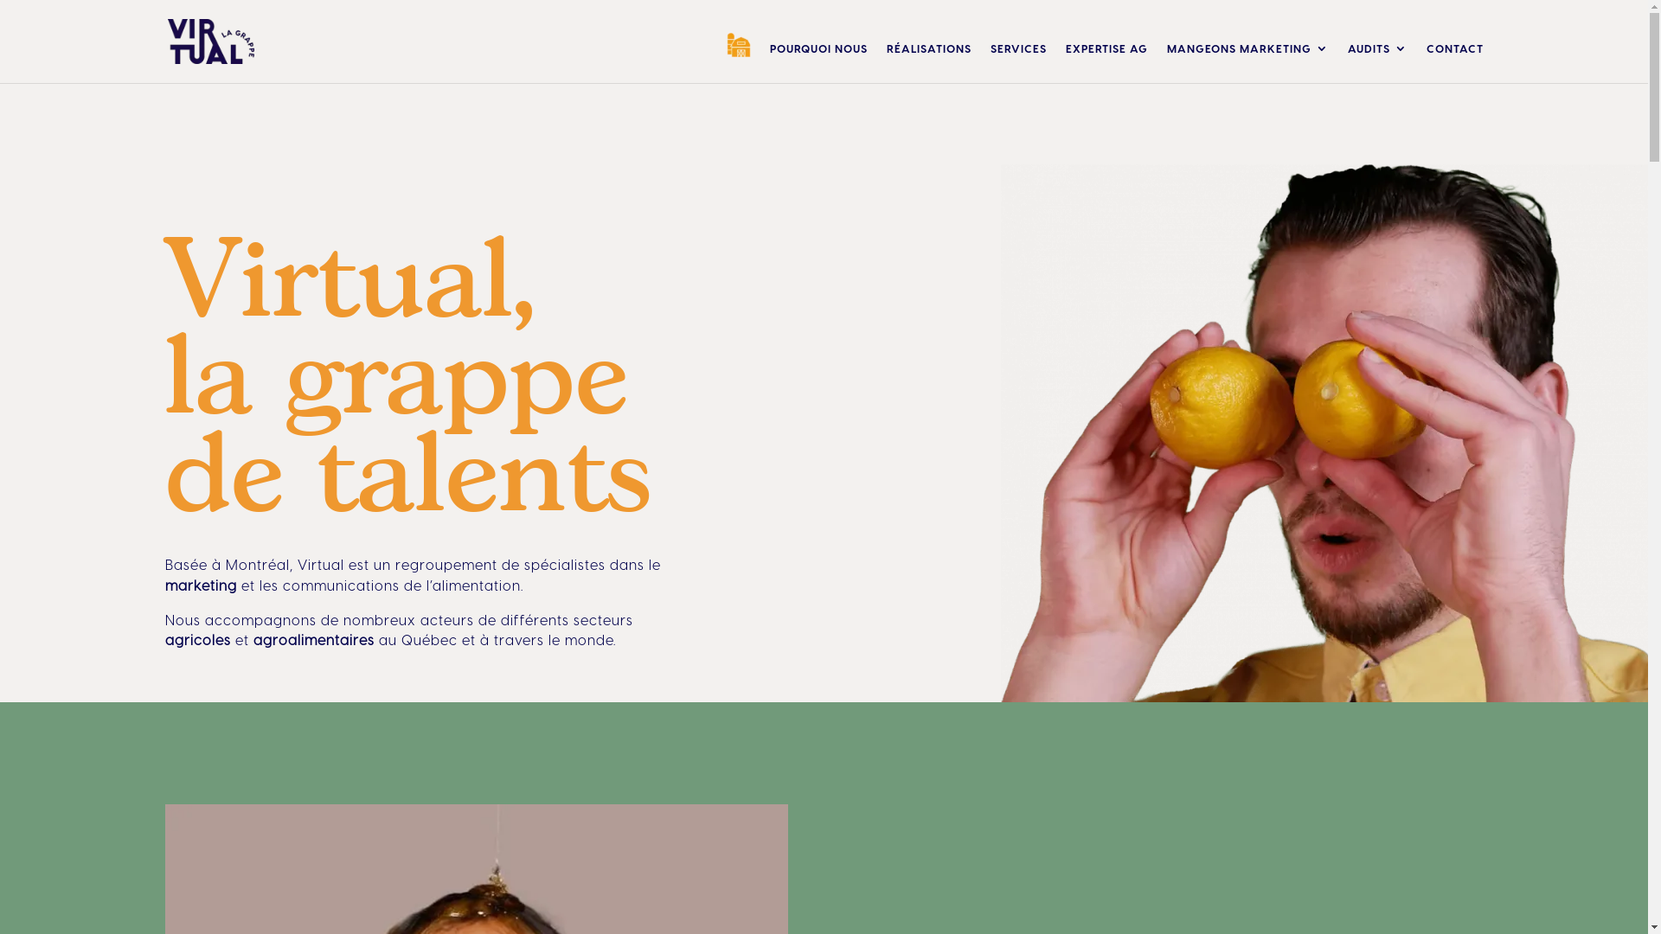 The width and height of the screenshot is (1661, 934). I want to click on 'EXPERTISE AG', so click(1106, 61).